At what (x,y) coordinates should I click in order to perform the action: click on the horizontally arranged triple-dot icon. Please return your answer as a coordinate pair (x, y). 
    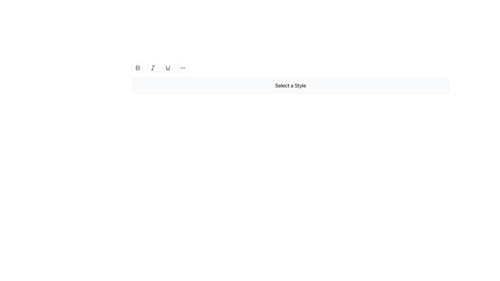
    Looking at the image, I should click on (183, 68).